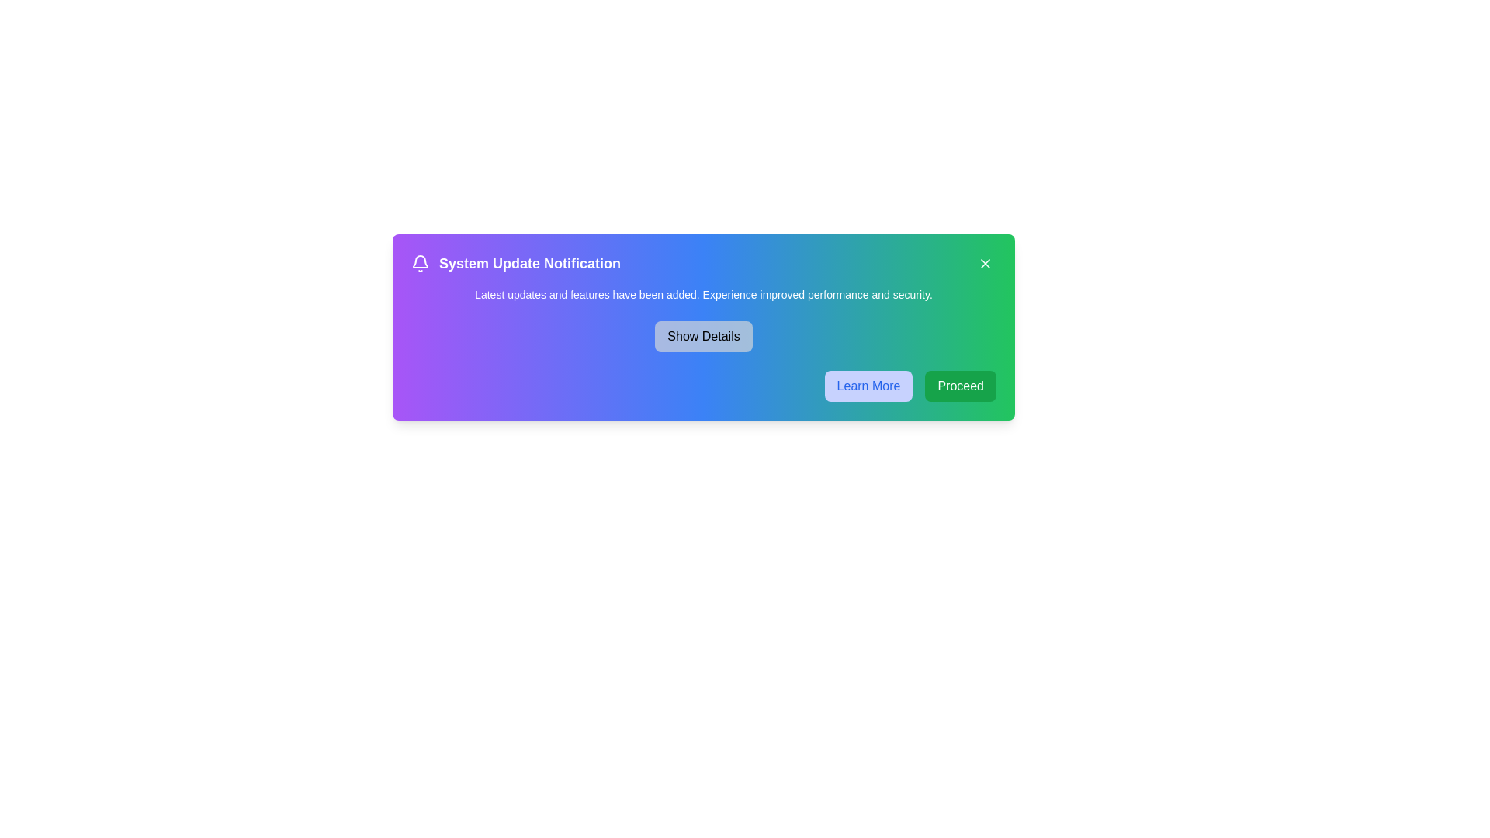 The height and width of the screenshot is (838, 1490). Describe the element at coordinates (703, 326) in the screenshot. I see `displayed message in the Notification dialog box, which is centrally positioned beneath the title and above the action buttons` at that location.